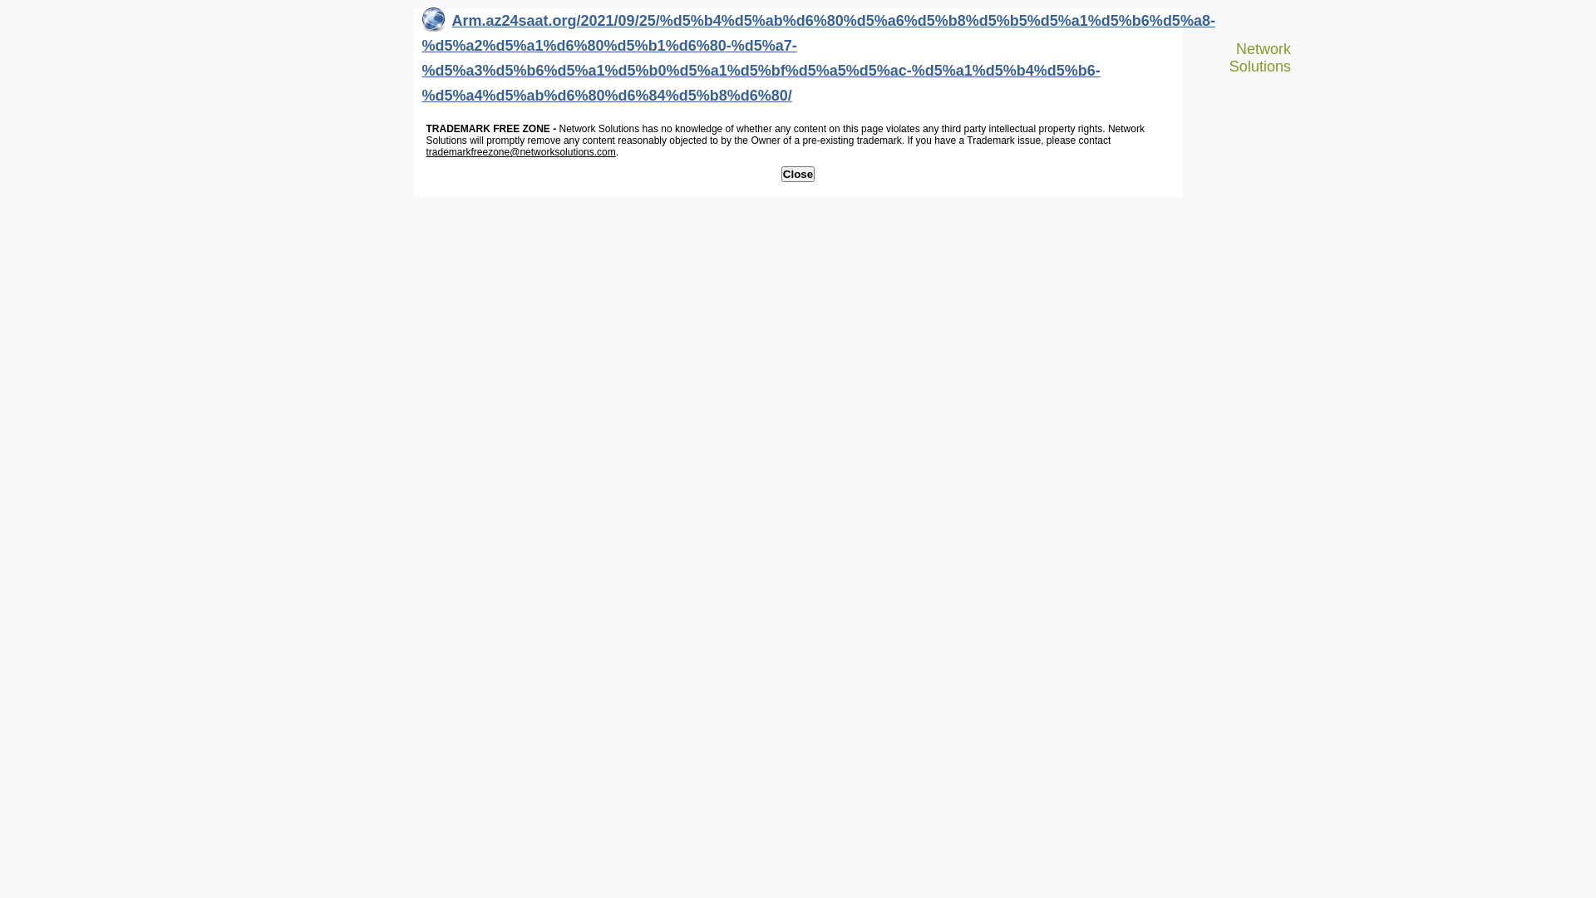 Image resolution: width=1596 pixels, height=898 pixels. Describe the element at coordinates (798, 174) in the screenshot. I see `'Close'` at that location.